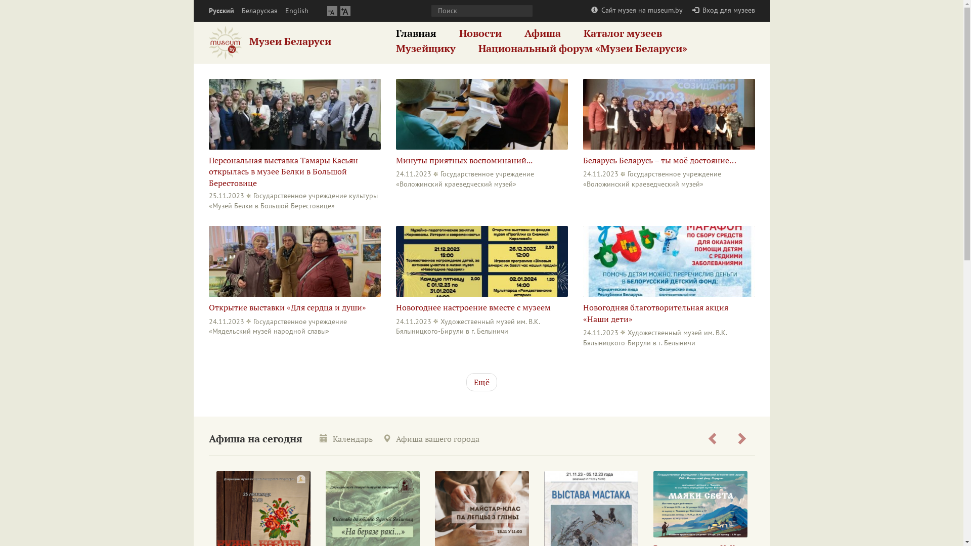  I want to click on 'A', so click(344, 11).